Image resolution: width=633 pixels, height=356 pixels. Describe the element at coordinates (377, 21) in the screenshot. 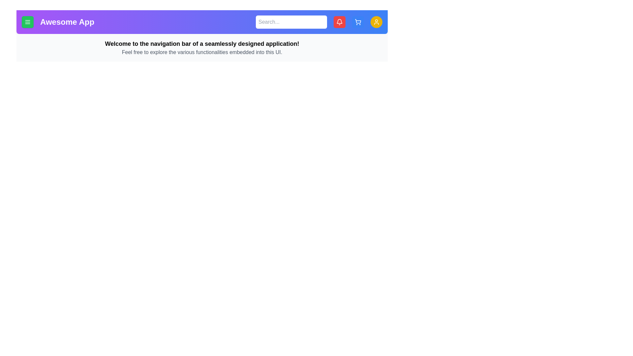

I see `the user profile button to access user settings or profile` at that location.